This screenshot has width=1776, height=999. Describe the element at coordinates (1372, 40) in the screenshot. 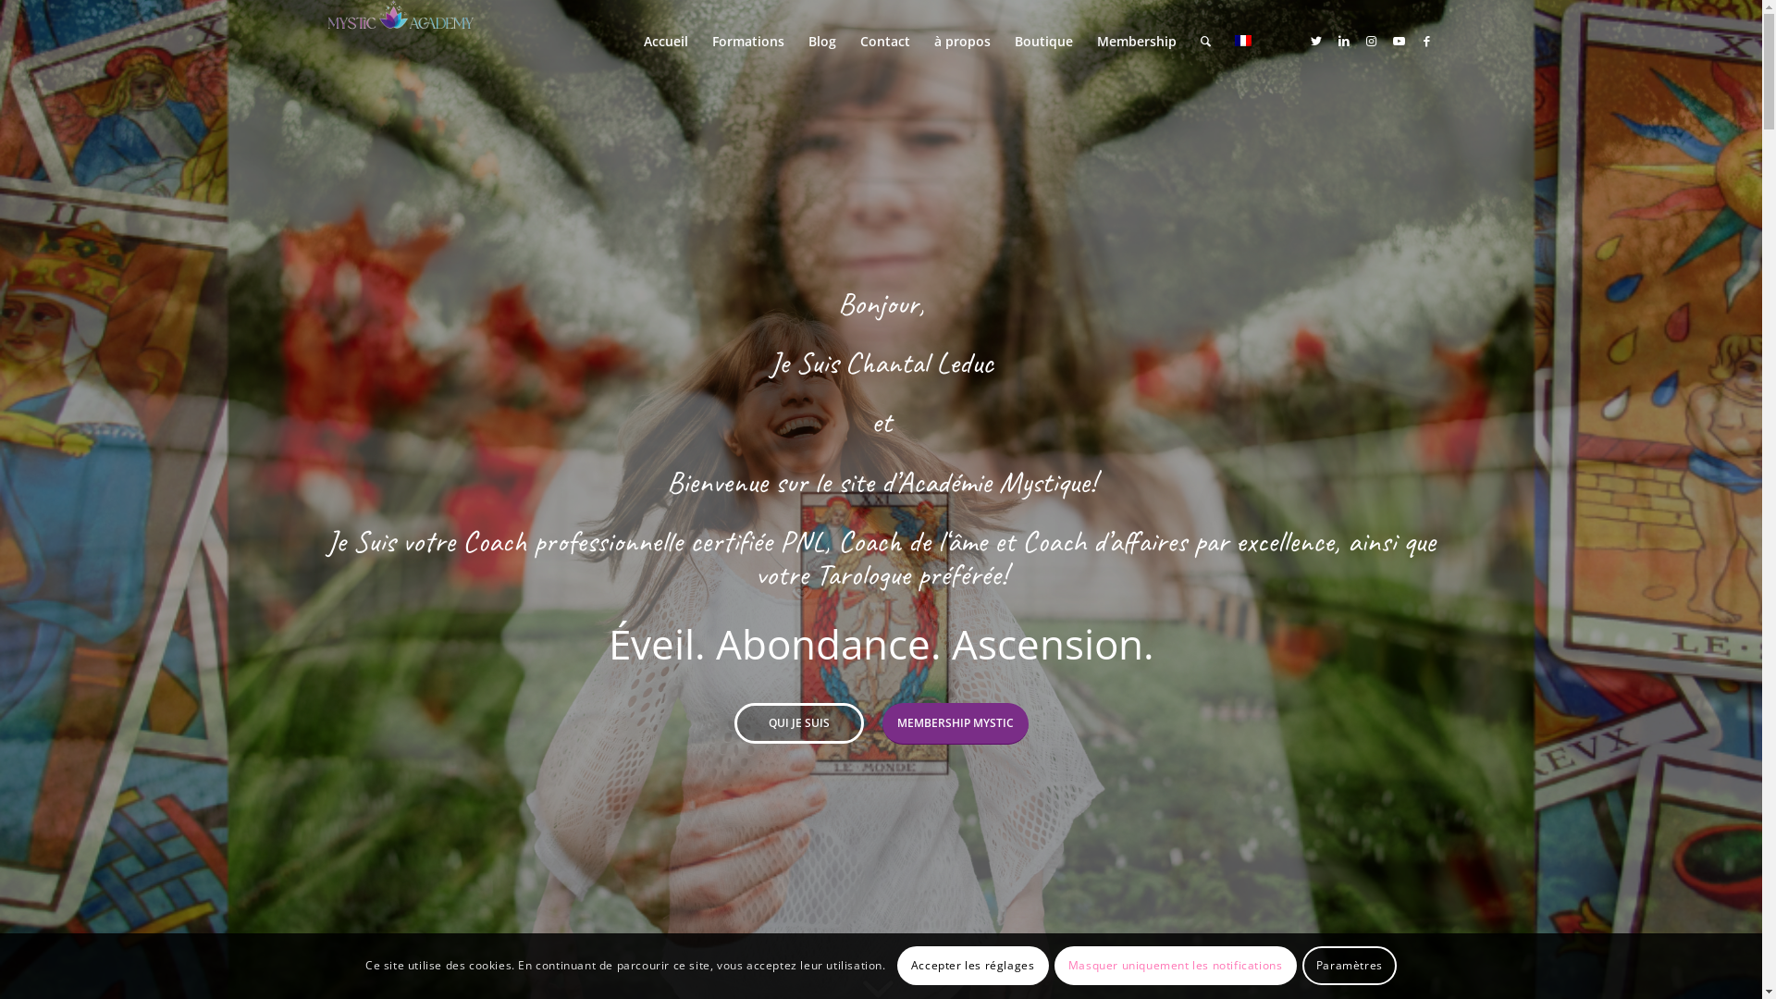

I see `'Instagram'` at that location.